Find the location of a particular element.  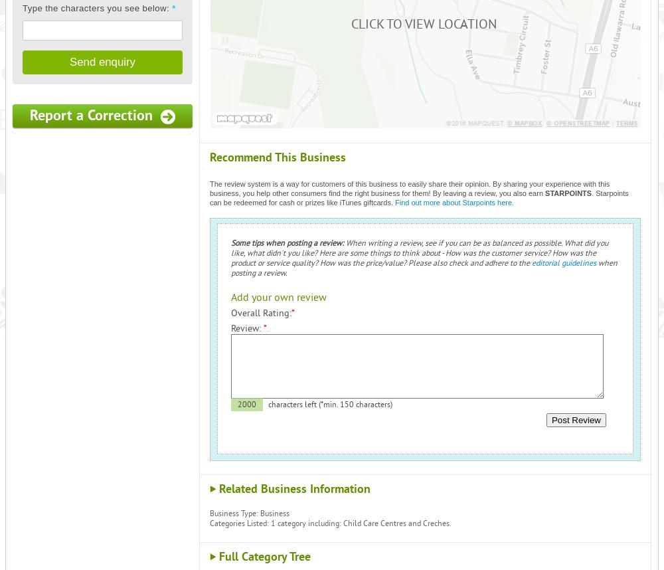

'The review system is a way for customers of this business to easily share their opinion. By sharing your experience with this business, you help other consumers find the right business for them! By leaving a review, you also earn' is located at coordinates (409, 188).